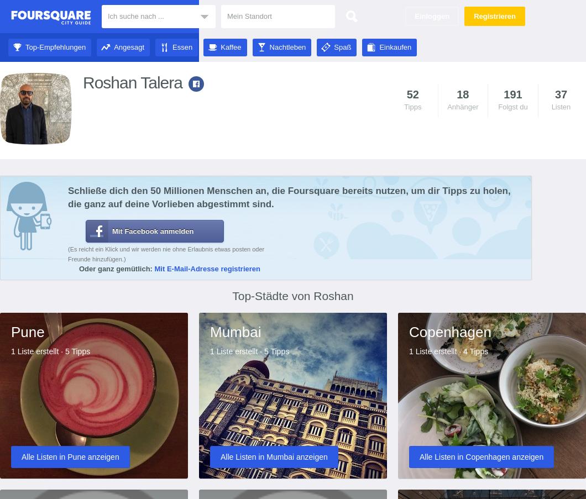 The height and width of the screenshot is (499, 586). Describe the element at coordinates (273, 455) in the screenshot. I see `'Alle Listen in Mumbai anzeigen'` at that location.